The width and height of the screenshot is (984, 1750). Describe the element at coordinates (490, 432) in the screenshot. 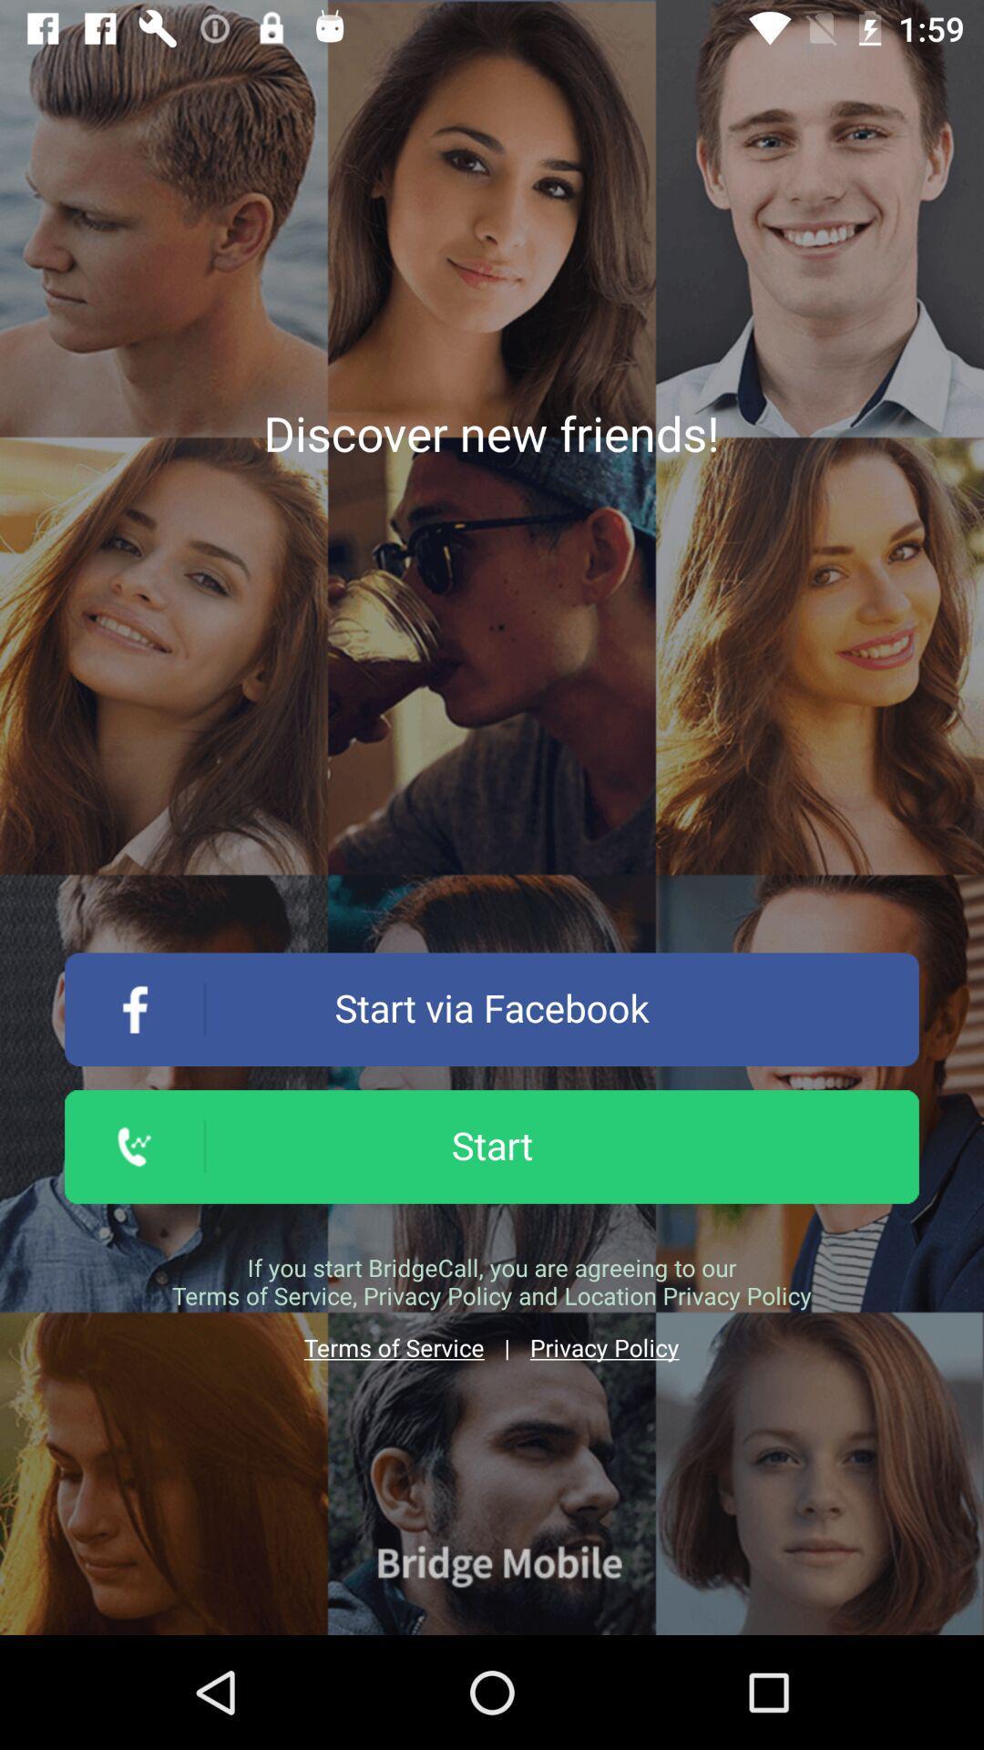

I see `the app at the top` at that location.